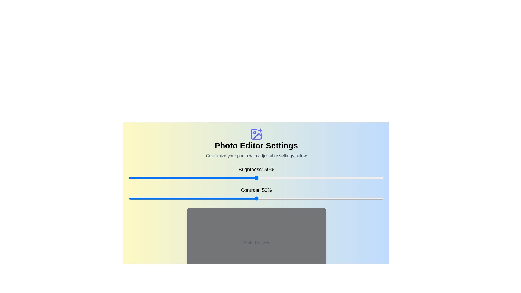 This screenshot has height=293, width=521. I want to click on the contrast slider to 27%, so click(197, 199).